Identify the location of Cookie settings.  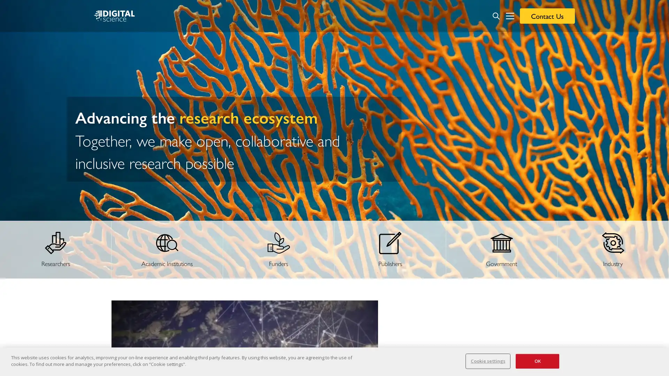
(487, 361).